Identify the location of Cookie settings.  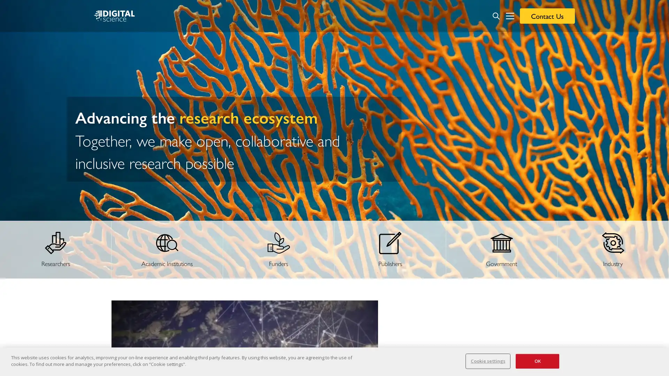
(487, 361).